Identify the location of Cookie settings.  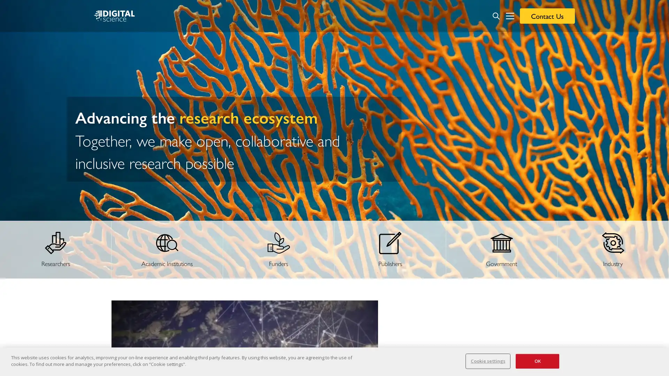
(487, 361).